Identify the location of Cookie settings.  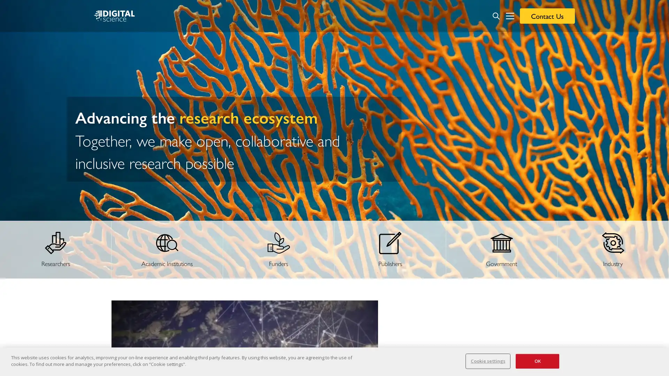
(487, 361).